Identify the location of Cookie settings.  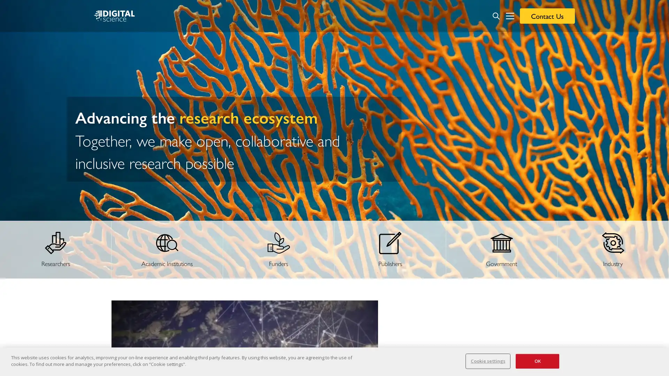
(487, 361).